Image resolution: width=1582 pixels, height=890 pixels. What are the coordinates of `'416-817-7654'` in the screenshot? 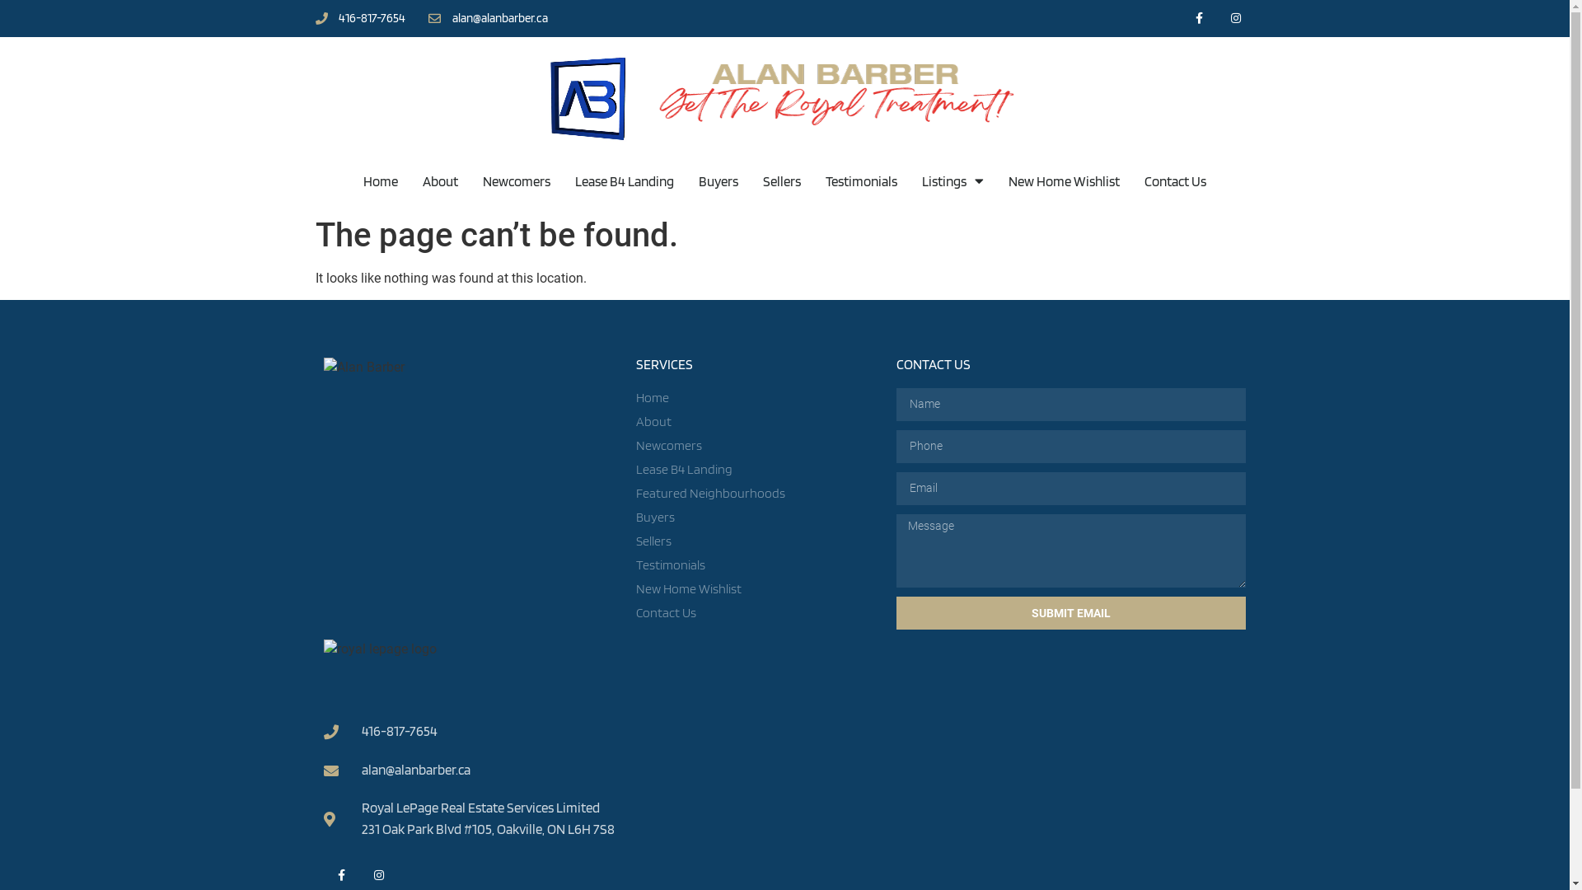 It's located at (358, 18).